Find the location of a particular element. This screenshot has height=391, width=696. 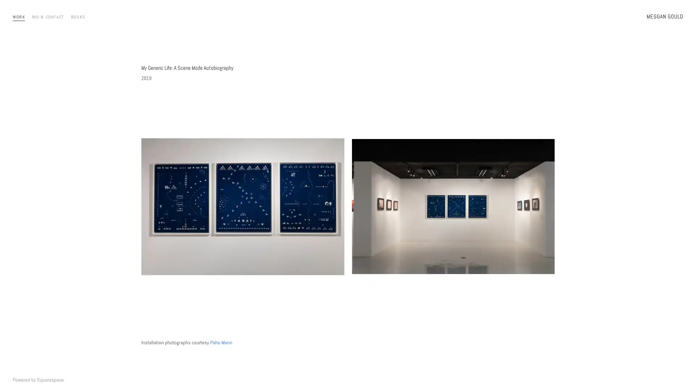

View fullsize scenemode2.jpg is located at coordinates (452, 206).